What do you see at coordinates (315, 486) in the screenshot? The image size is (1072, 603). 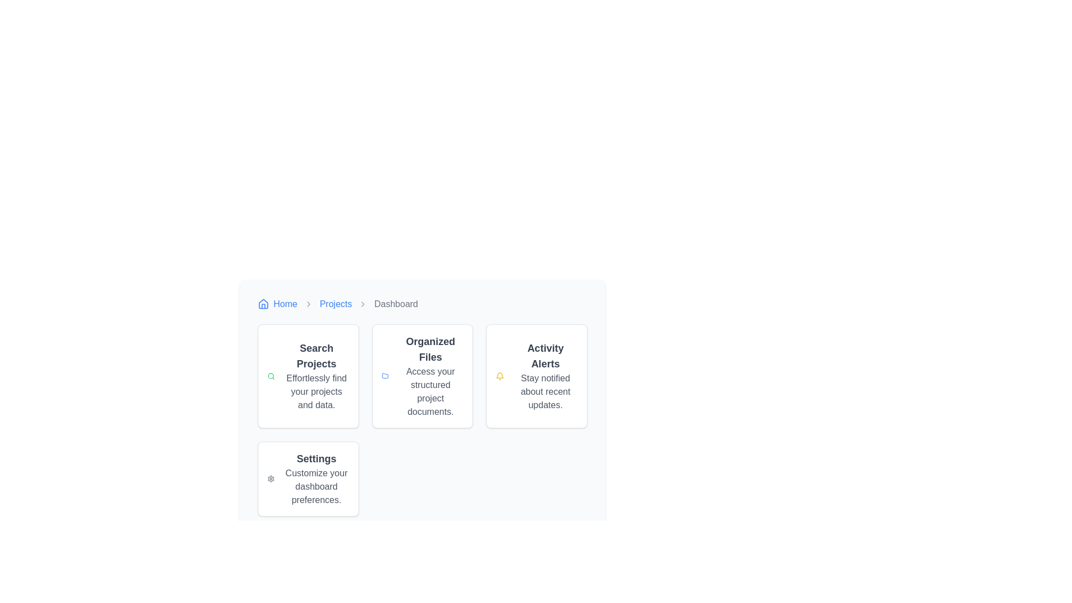 I see `the text label that reads 'Customize your dashboard preferences' styled in gray font, located in the panel below the 'Settings' heading` at bounding box center [315, 486].